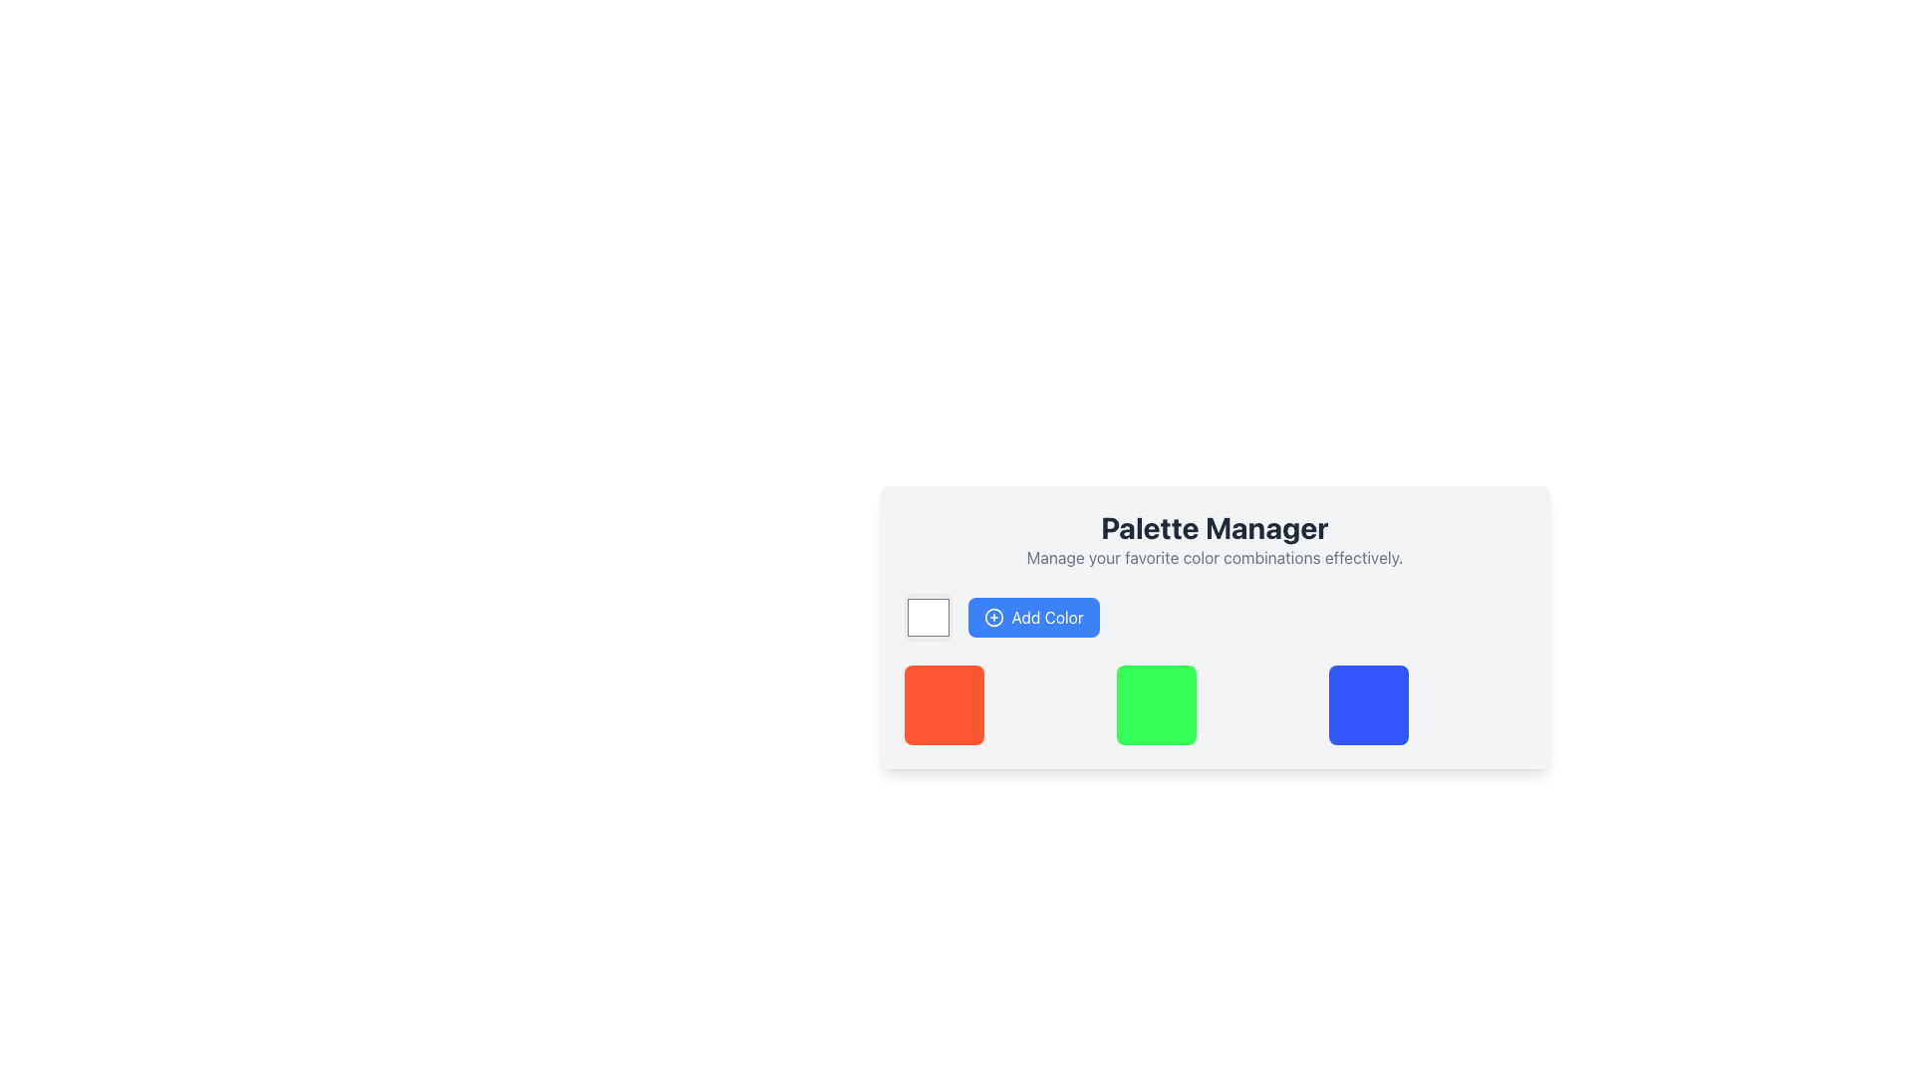 This screenshot has width=1913, height=1076. What do you see at coordinates (927, 617) in the screenshot?
I see `the Color Picker Input element` at bounding box center [927, 617].